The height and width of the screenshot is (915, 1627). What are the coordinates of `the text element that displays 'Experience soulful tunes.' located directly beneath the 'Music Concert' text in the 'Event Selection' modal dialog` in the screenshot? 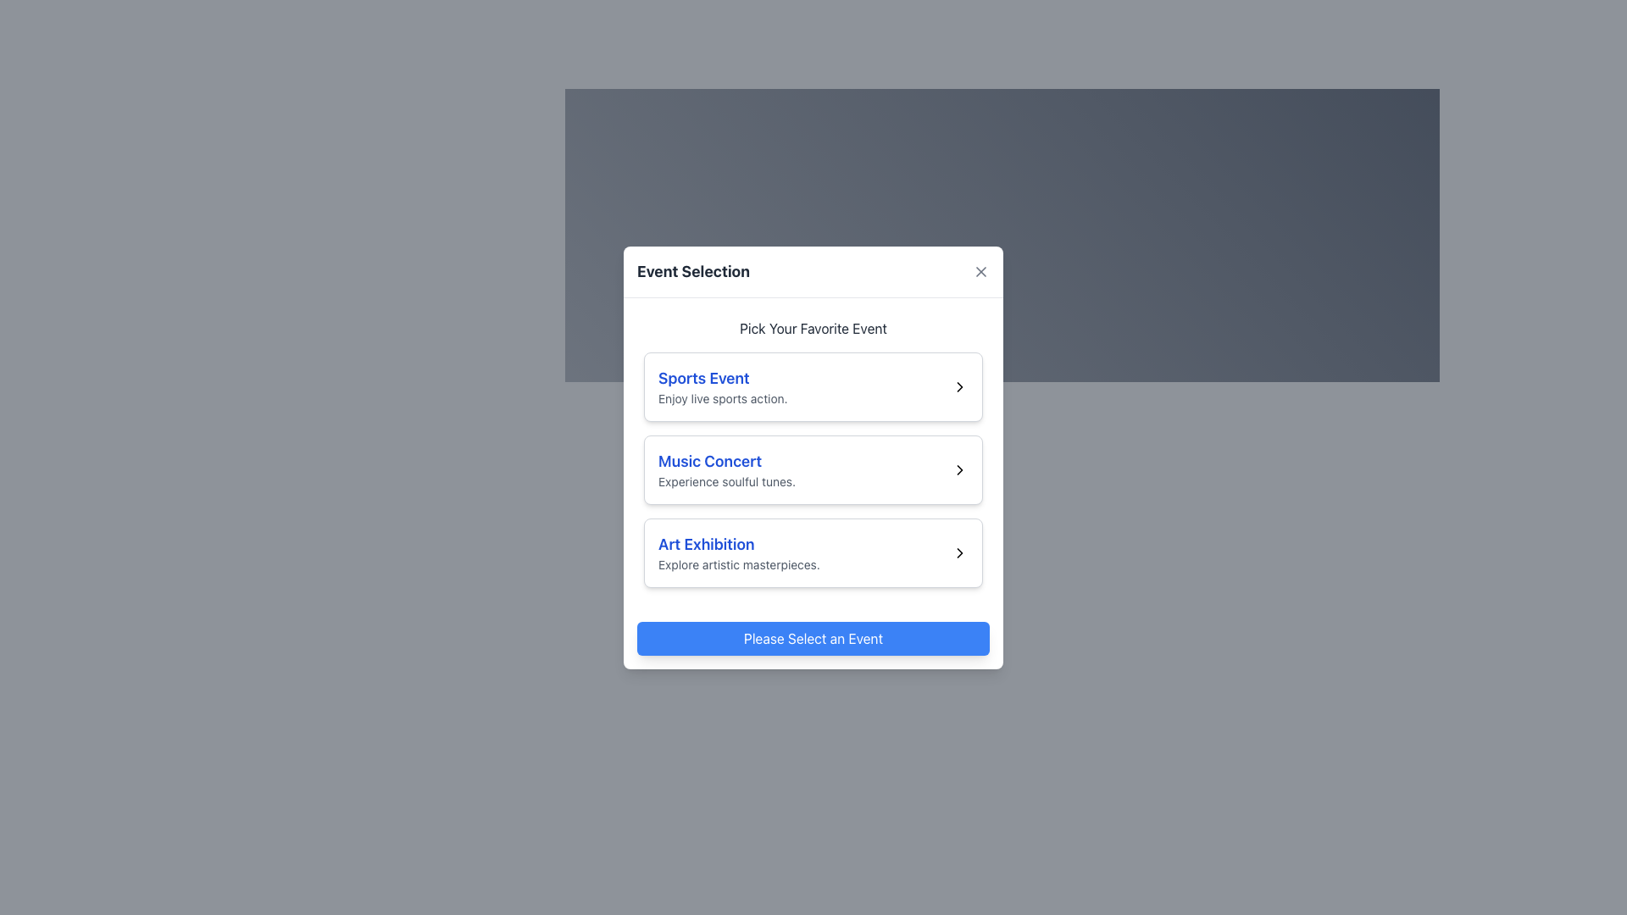 It's located at (727, 481).